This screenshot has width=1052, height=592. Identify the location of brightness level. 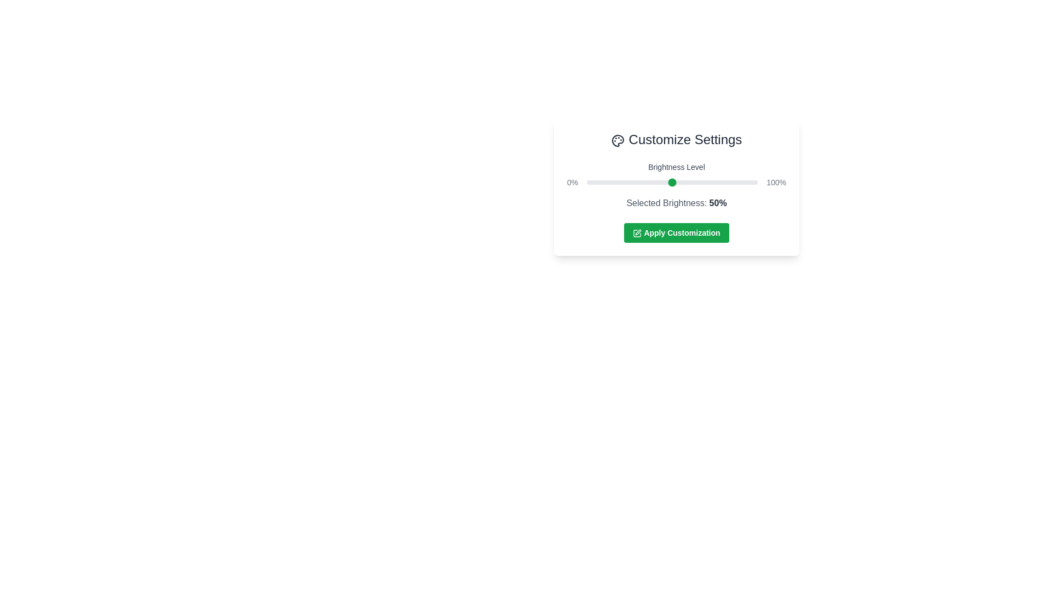
(633, 181).